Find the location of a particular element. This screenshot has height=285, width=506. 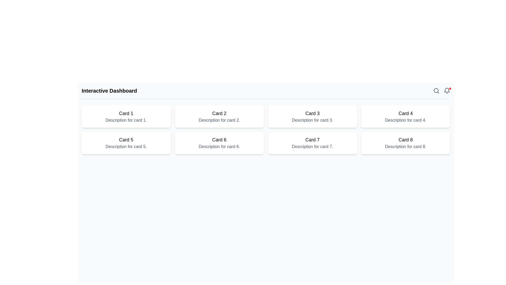

'Card 4' located at the top-right corner of the grid to interact or open details is located at coordinates (405, 116).